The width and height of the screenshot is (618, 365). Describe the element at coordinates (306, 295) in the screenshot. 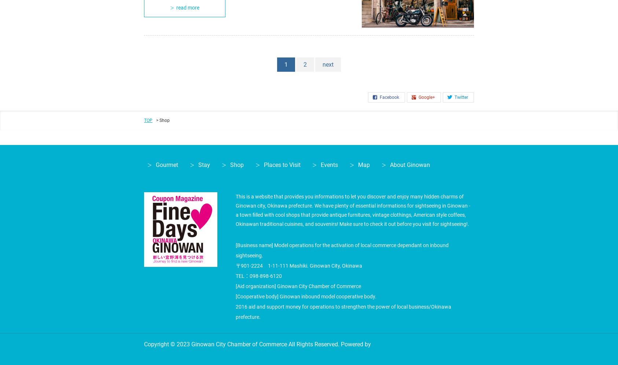

I see `'[Cooperative body] Ginowan inbound model cooperative body.'` at that location.